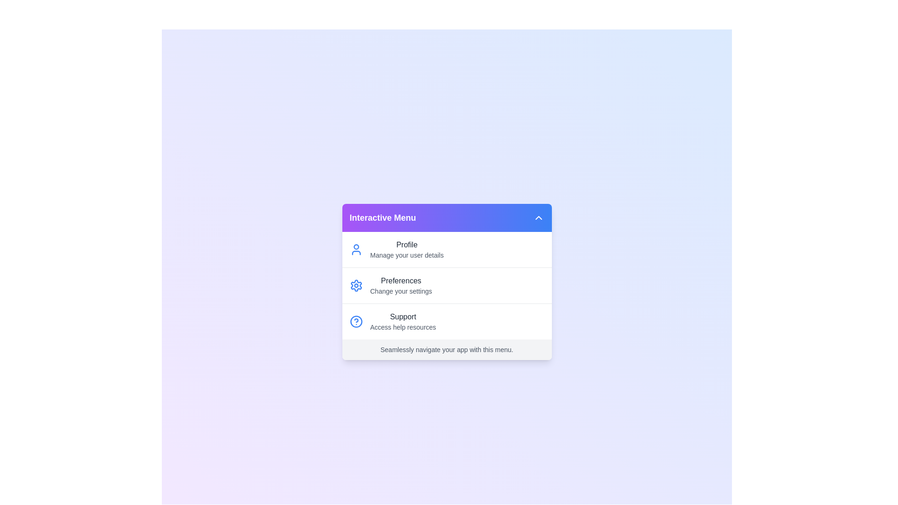 This screenshot has width=898, height=505. What do you see at coordinates (446, 285) in the screenshot?
I see `the menu item Preferences` at bounding box center [446, 285].